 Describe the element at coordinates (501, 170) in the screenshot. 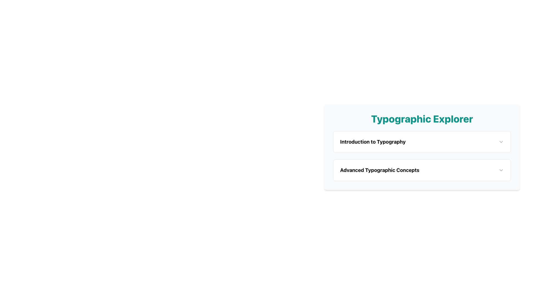

I see `the Dropdown indicator icon located at the right edge of the 'Advanced Typographic Concepts' text to trigger potential visual feedback` at that location.